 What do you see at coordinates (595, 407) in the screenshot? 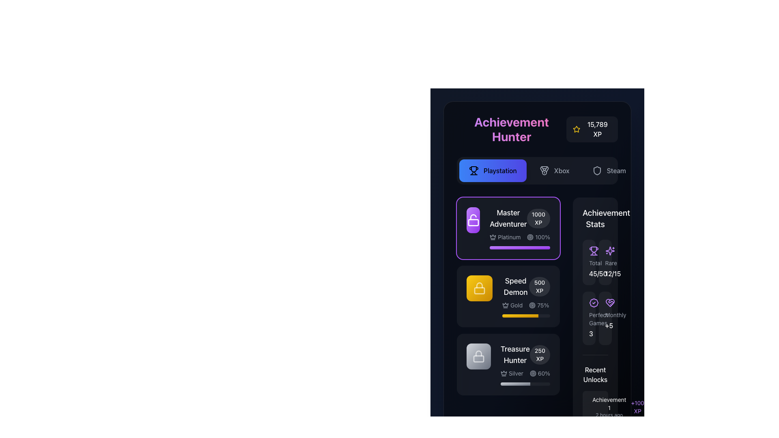
I see `information displayed on the first Informational card in the 'Recent Unlocks' section, which shows 'Achievement 1', '2 hours ago', and '+100 XP'` at bounding box center [595, 407].